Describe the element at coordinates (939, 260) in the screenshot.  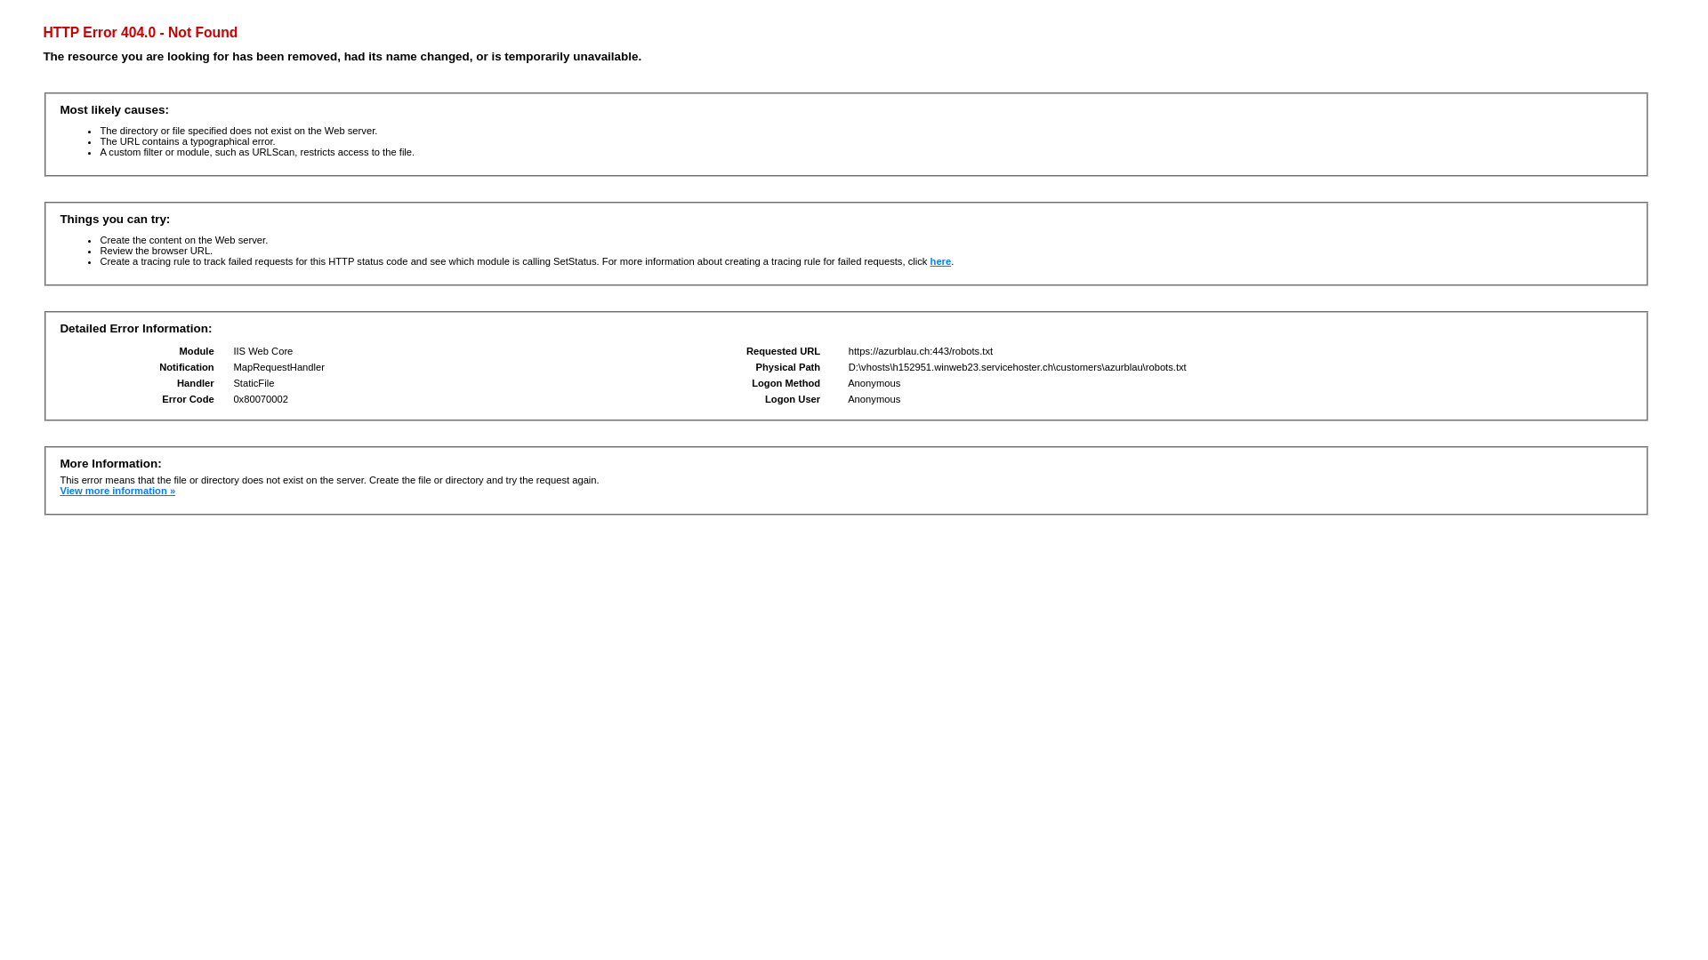
I see `'here'` at that location.